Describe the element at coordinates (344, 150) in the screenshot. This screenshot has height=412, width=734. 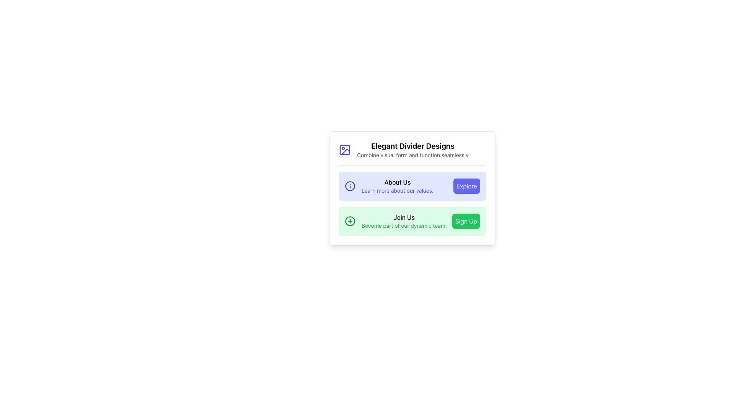
I see `the icon that visually represents the 'Elegant Divider Designs' heading, located to the left of the text` at that location.